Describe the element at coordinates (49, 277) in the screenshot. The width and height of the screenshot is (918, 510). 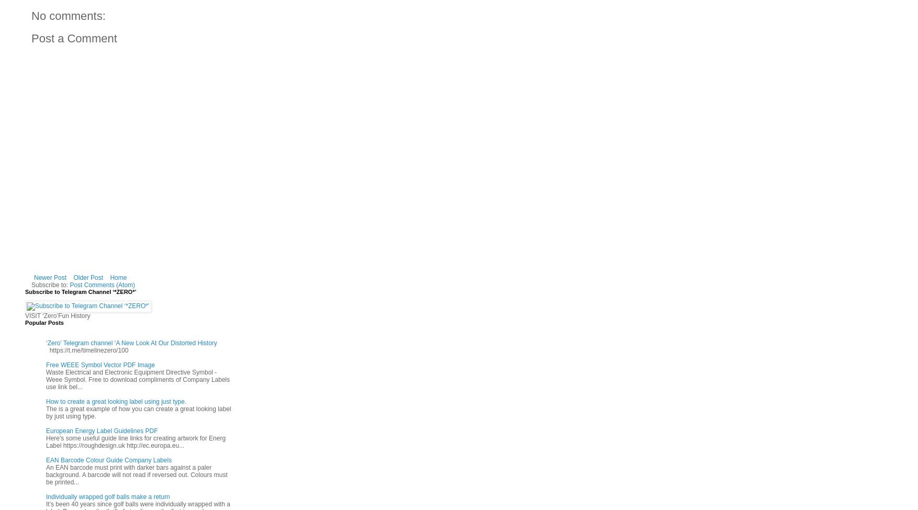
I see `'Newer Post'` at that location.